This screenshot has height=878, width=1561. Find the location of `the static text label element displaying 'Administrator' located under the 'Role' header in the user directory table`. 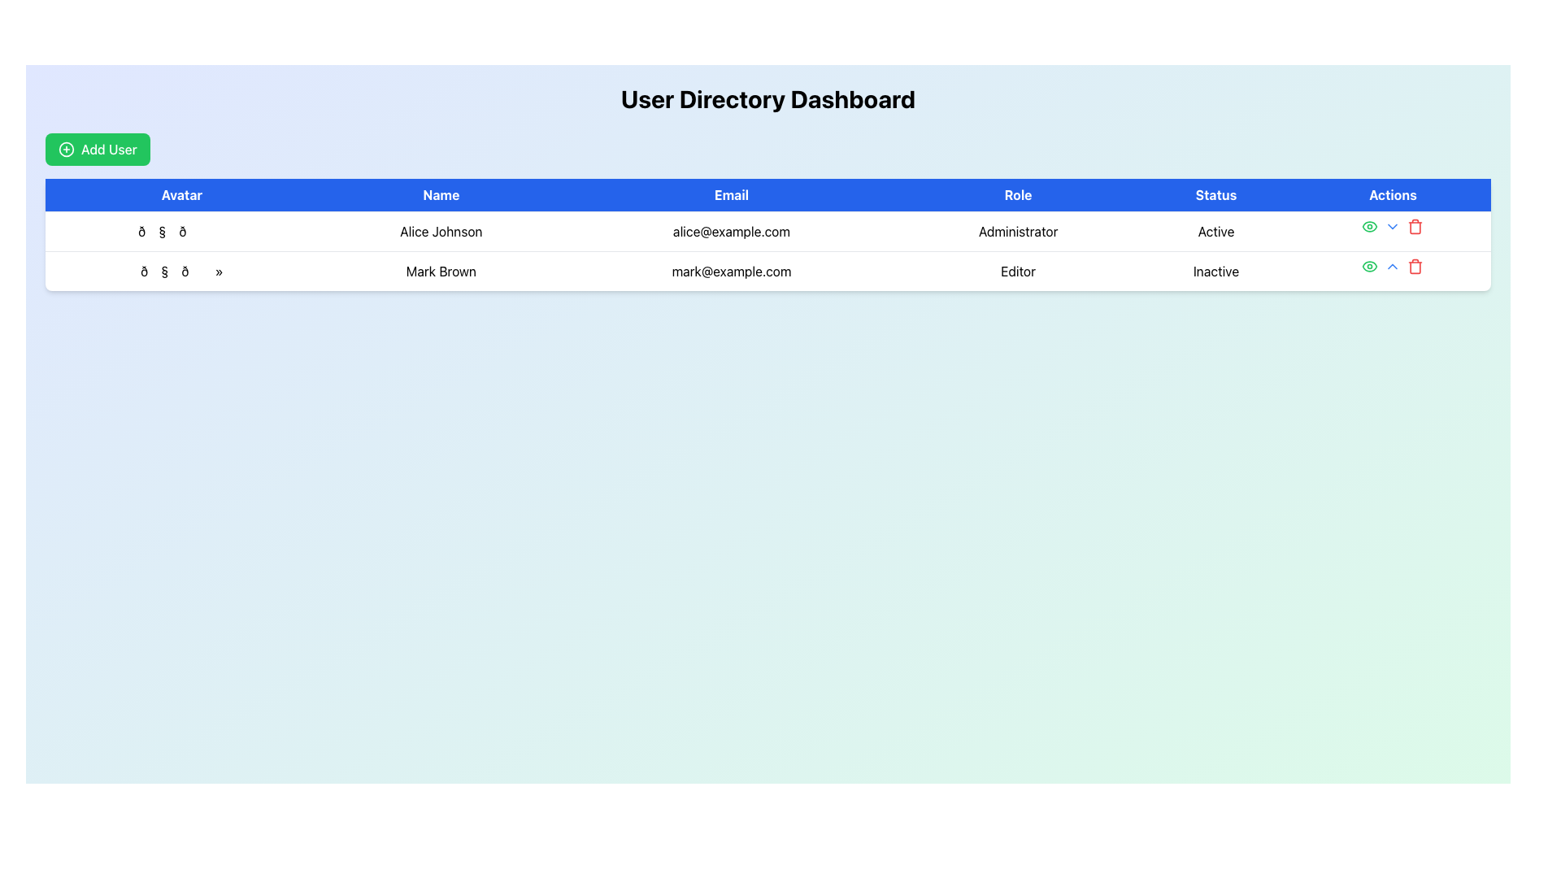

the static text label element displaying 'Administrator' located under the 'Role' header in the user directory table is located at coordinates (1017, 232).